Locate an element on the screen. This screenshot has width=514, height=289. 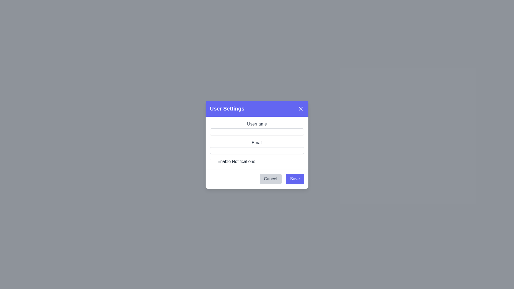
the text input field for email address located in the 'User Settings' dialog, which is the second input field below the 'Username' input and above the 'Enable Notifications' checkbox is located at coordinates (257, 146).